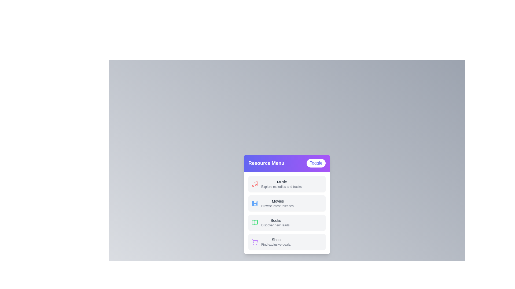 This screenshot has width=515, height=289. What do you see at coordinates (316, 163) in the screenshot?
I see `the 'Toggle' button to toggle the menu open/close state` at bounding box center [316, 163].